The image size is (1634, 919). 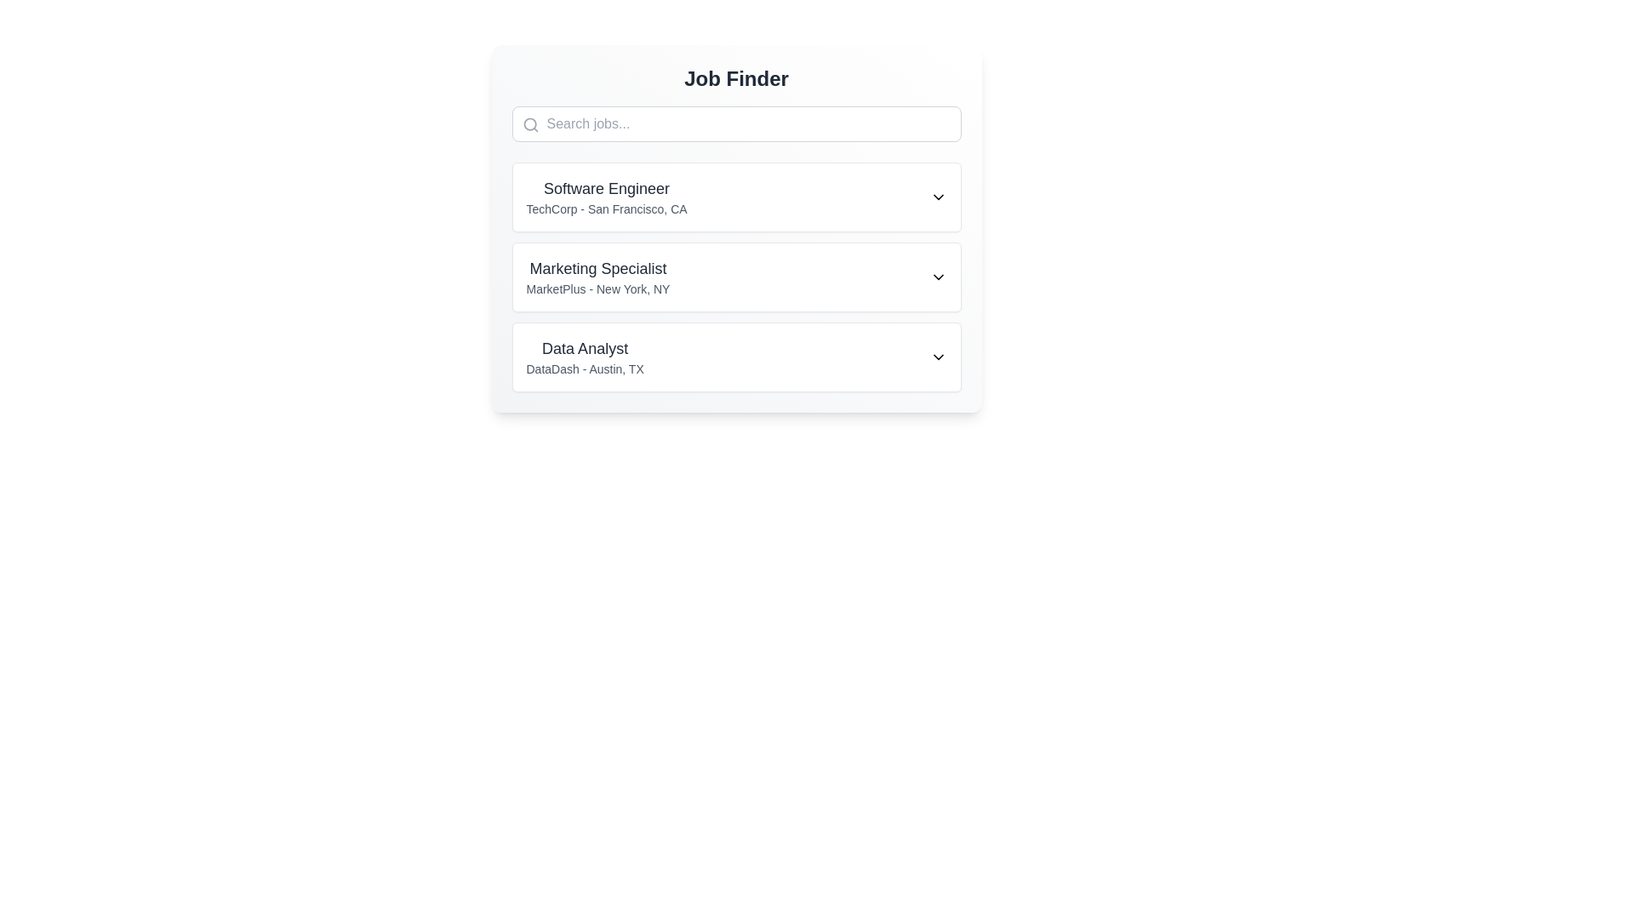 I want to click on text label displaying 'Marketing Specialist' which is bold and large-sized, located in the second listing of the Job Finder section, so click(x=597, y=268).